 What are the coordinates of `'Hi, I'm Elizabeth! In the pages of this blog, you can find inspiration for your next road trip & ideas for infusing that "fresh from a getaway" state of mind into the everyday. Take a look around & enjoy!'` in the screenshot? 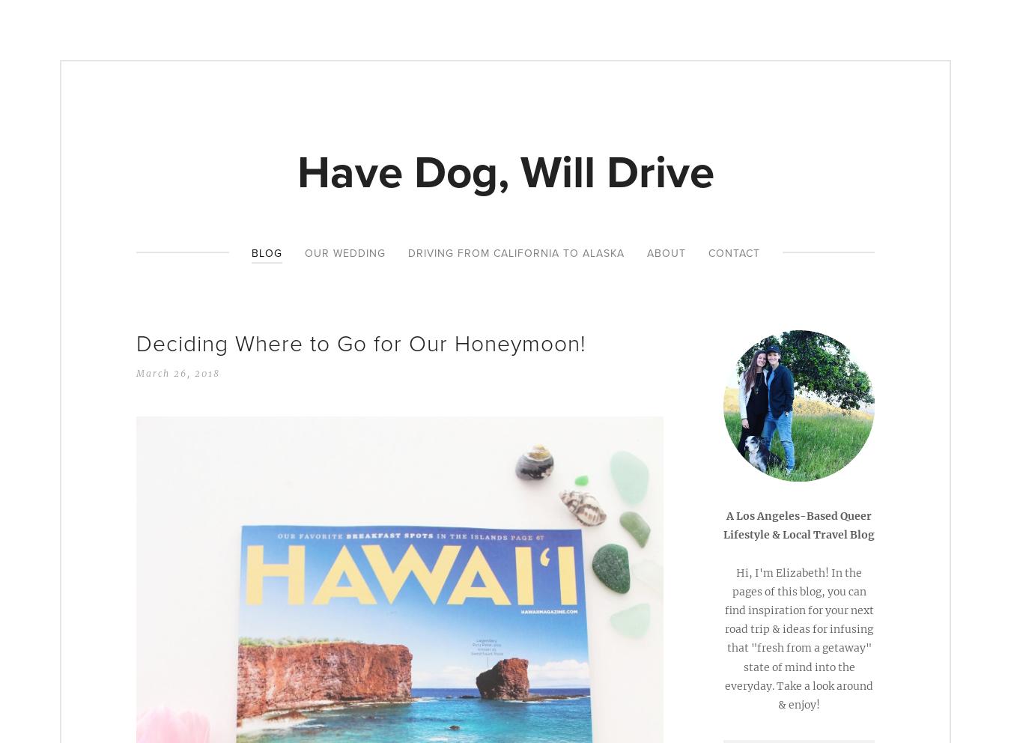 It's located at (723, 637).